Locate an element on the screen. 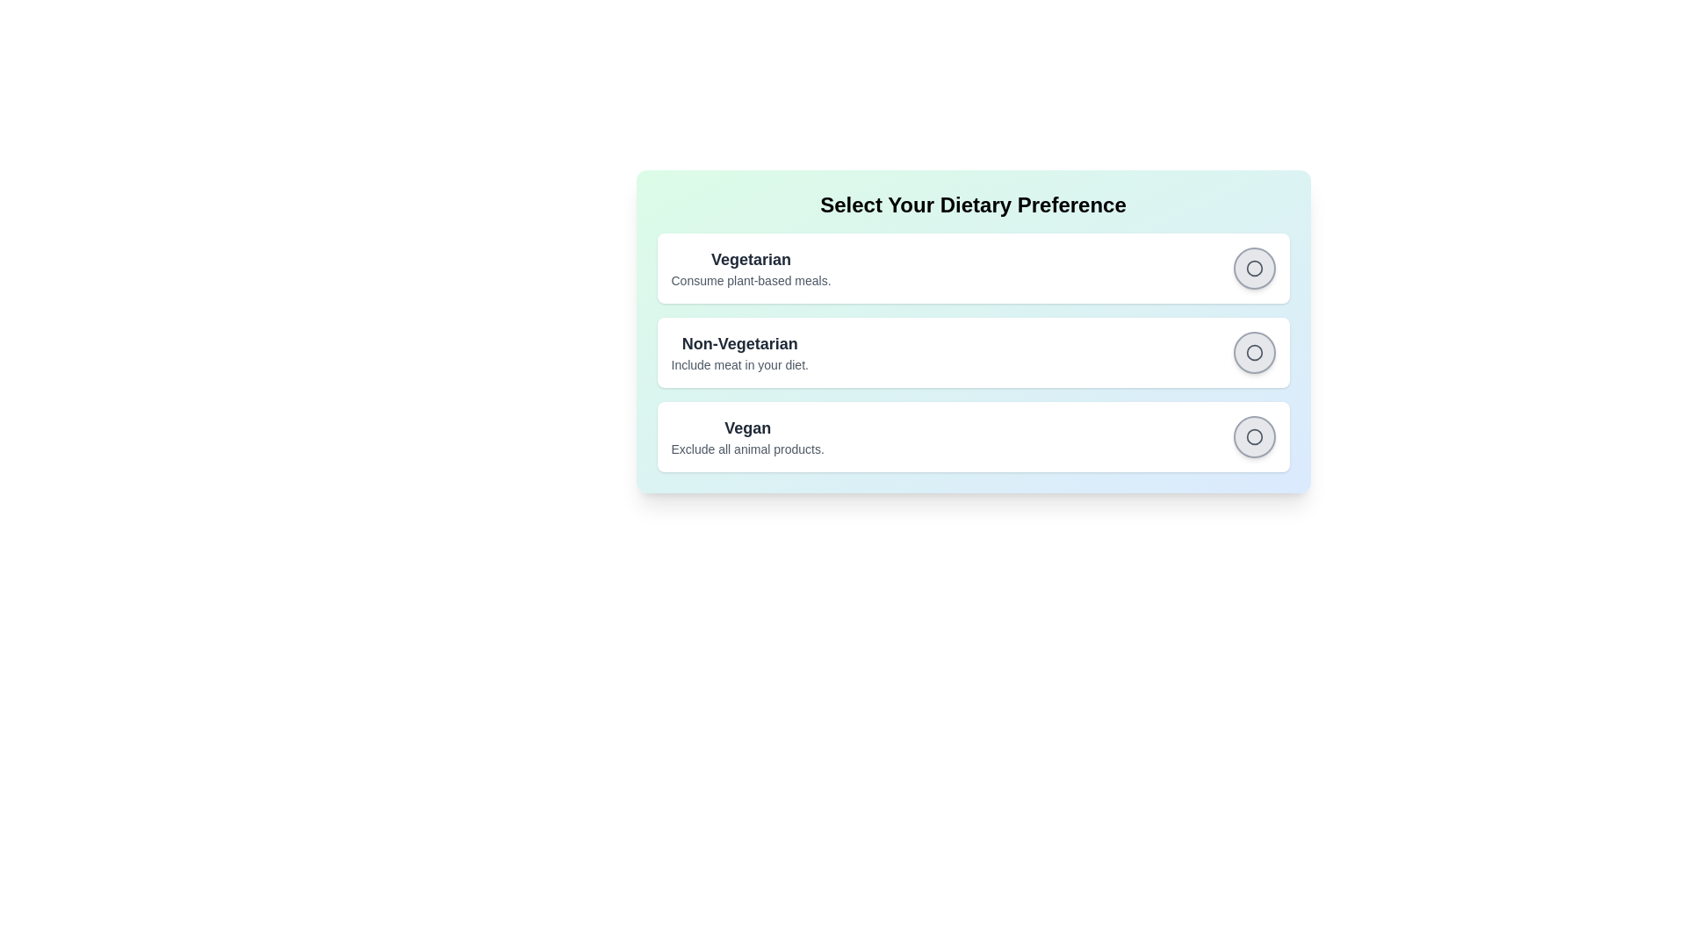 This screenshot has height=948, width=1686. the Non-Vegetarian dietary preference label, which is the title of the second section in a list of dietary preferences, positioned above the supporting text 'Include meat in your diet.' is located at coordinates (739, 344).